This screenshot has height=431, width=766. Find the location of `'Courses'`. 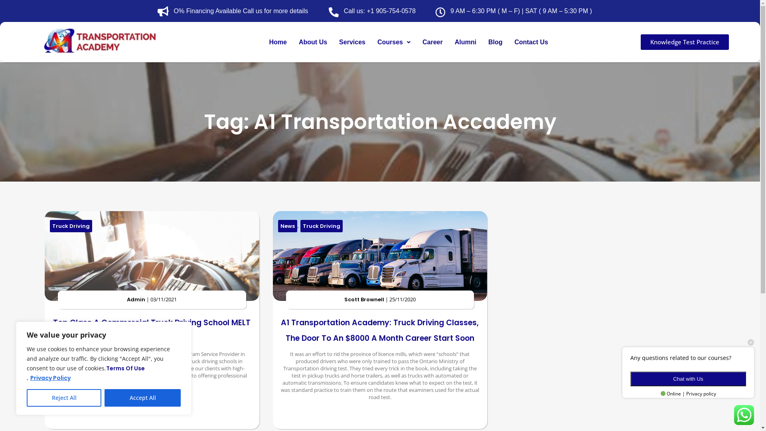

'Courses' is located at coordinates (394, 42).